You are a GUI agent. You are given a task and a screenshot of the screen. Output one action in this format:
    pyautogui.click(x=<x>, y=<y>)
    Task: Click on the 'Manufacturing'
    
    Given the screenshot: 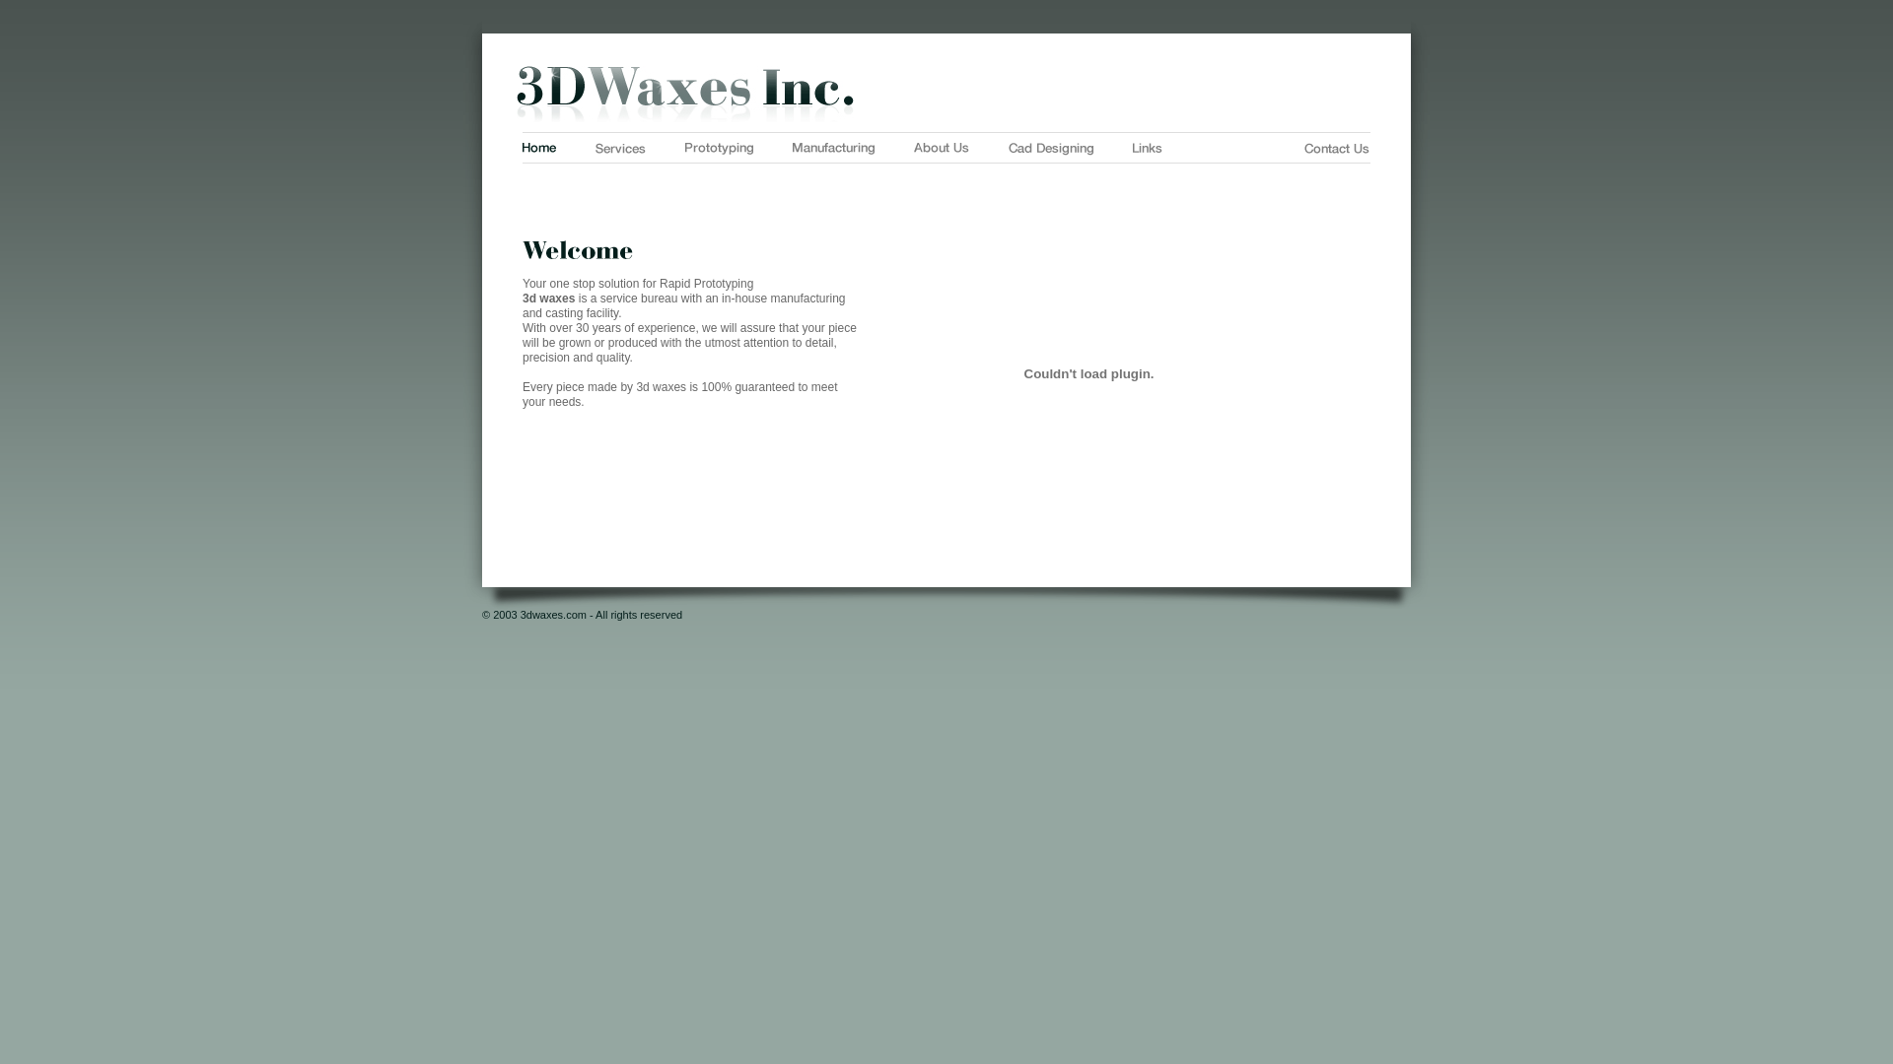 What is the action you would take?
    pyautogui.click(x=793, y=147)
    